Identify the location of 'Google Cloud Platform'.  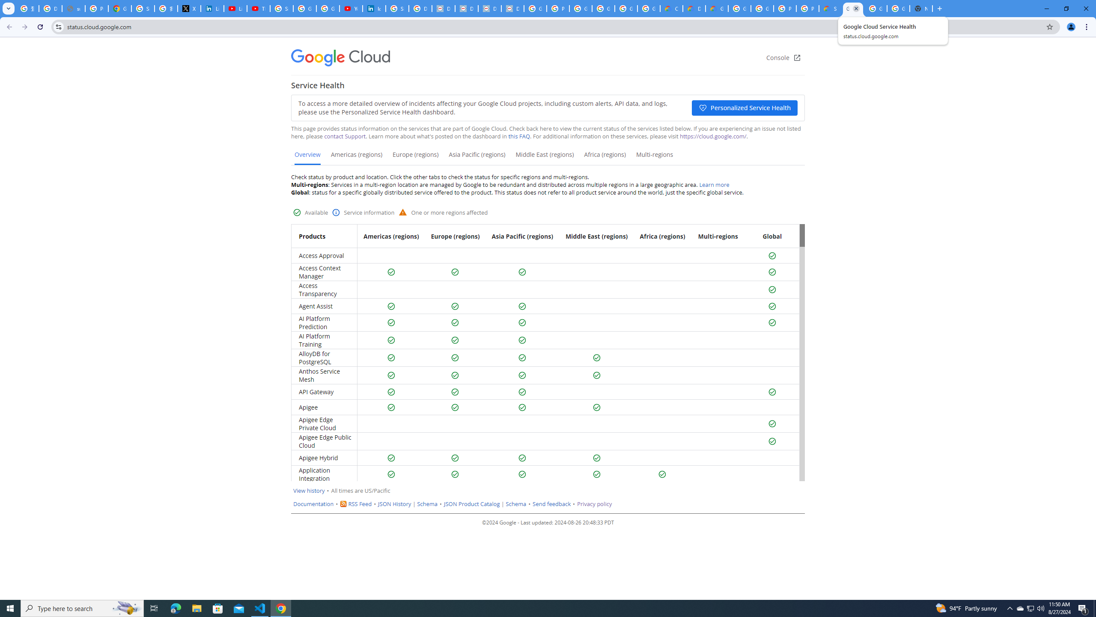
(762, 8).